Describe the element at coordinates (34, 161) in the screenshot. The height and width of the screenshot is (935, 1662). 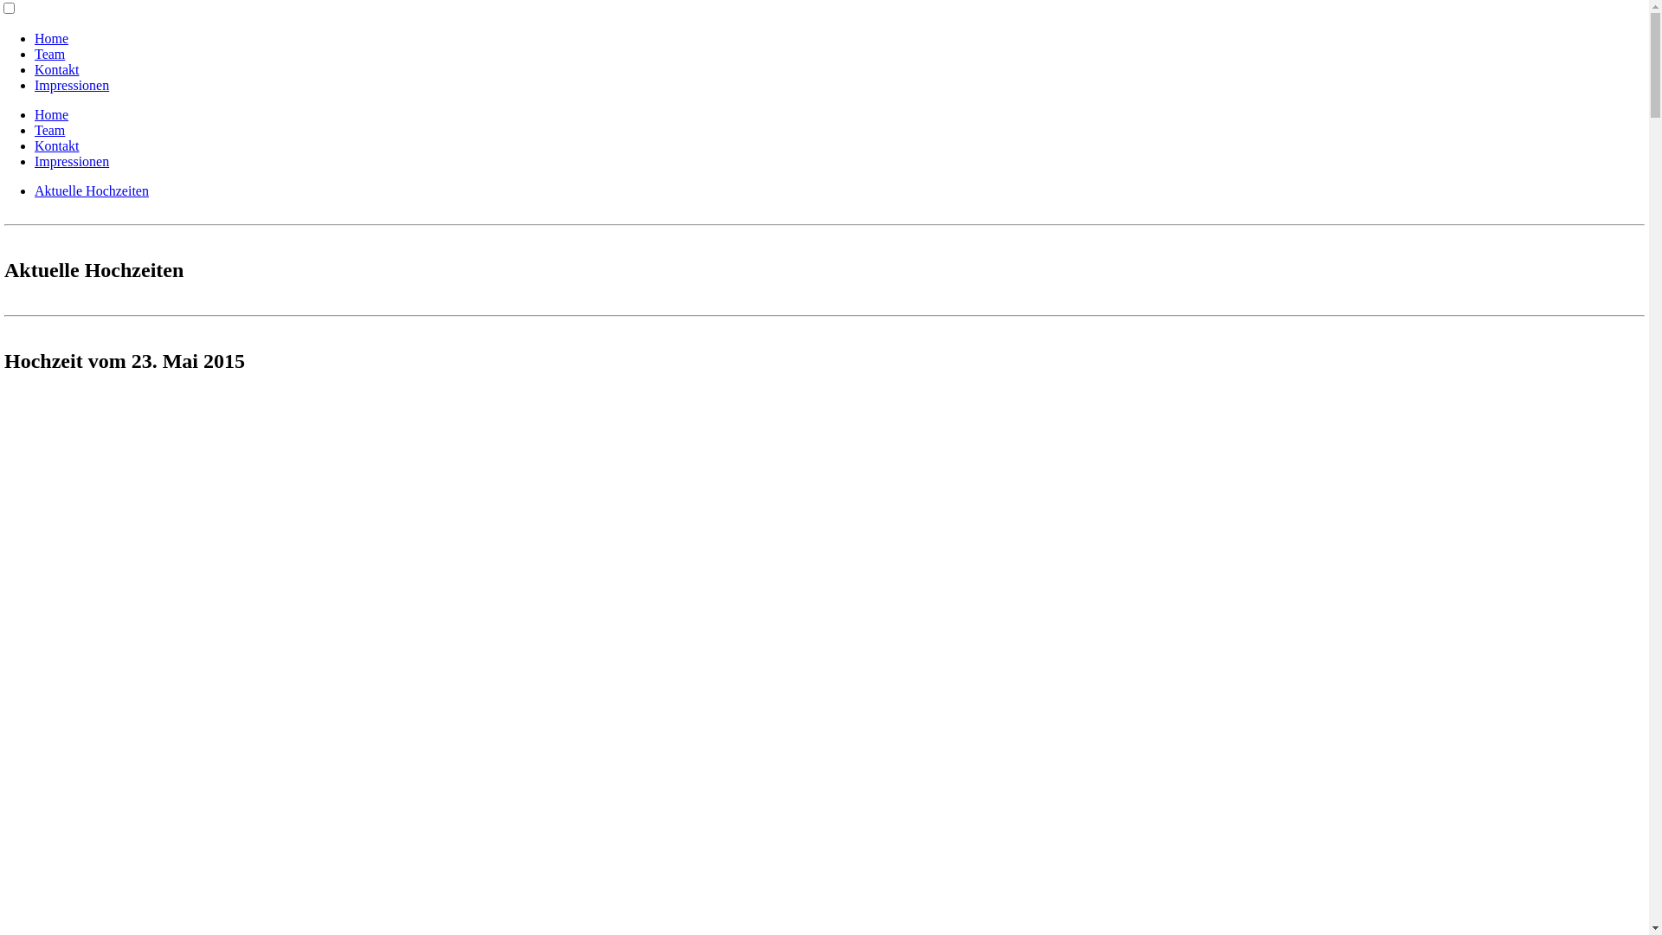
I see `'Impressionen'` at that location.